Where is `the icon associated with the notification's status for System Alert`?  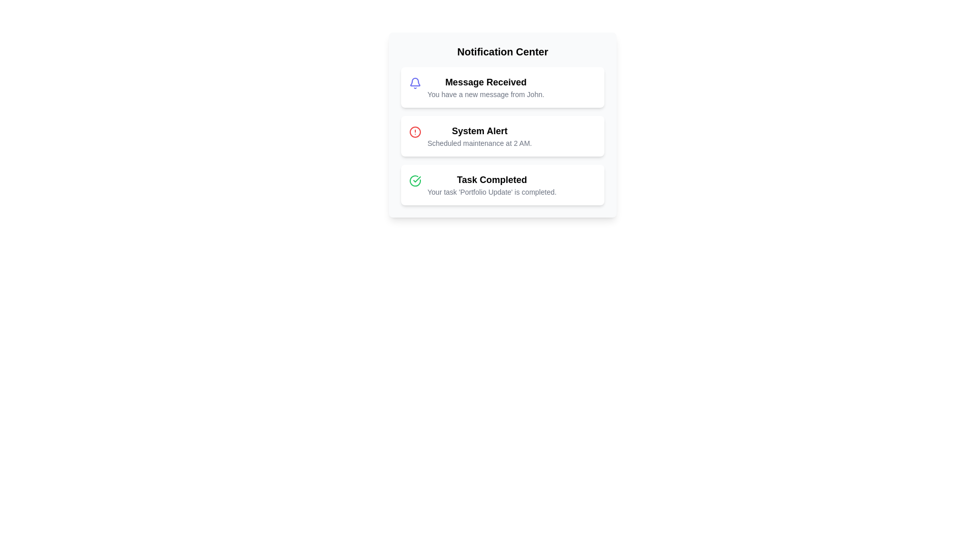 the icon associated with the notification's status for System Alert is located at coordinates (415, 131).